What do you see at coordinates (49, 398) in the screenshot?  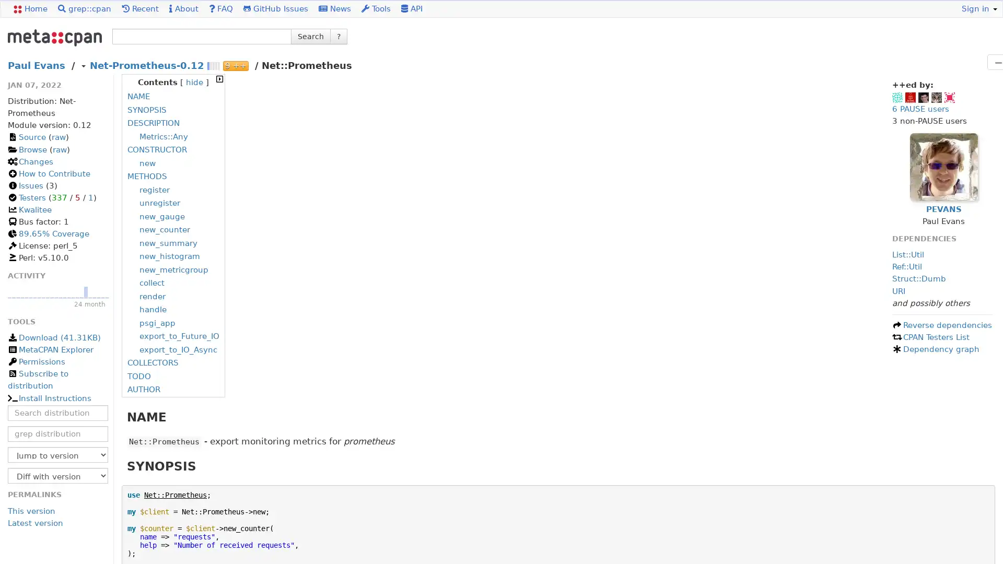 I see `Install Instructions` at bounding box center [49, 398].